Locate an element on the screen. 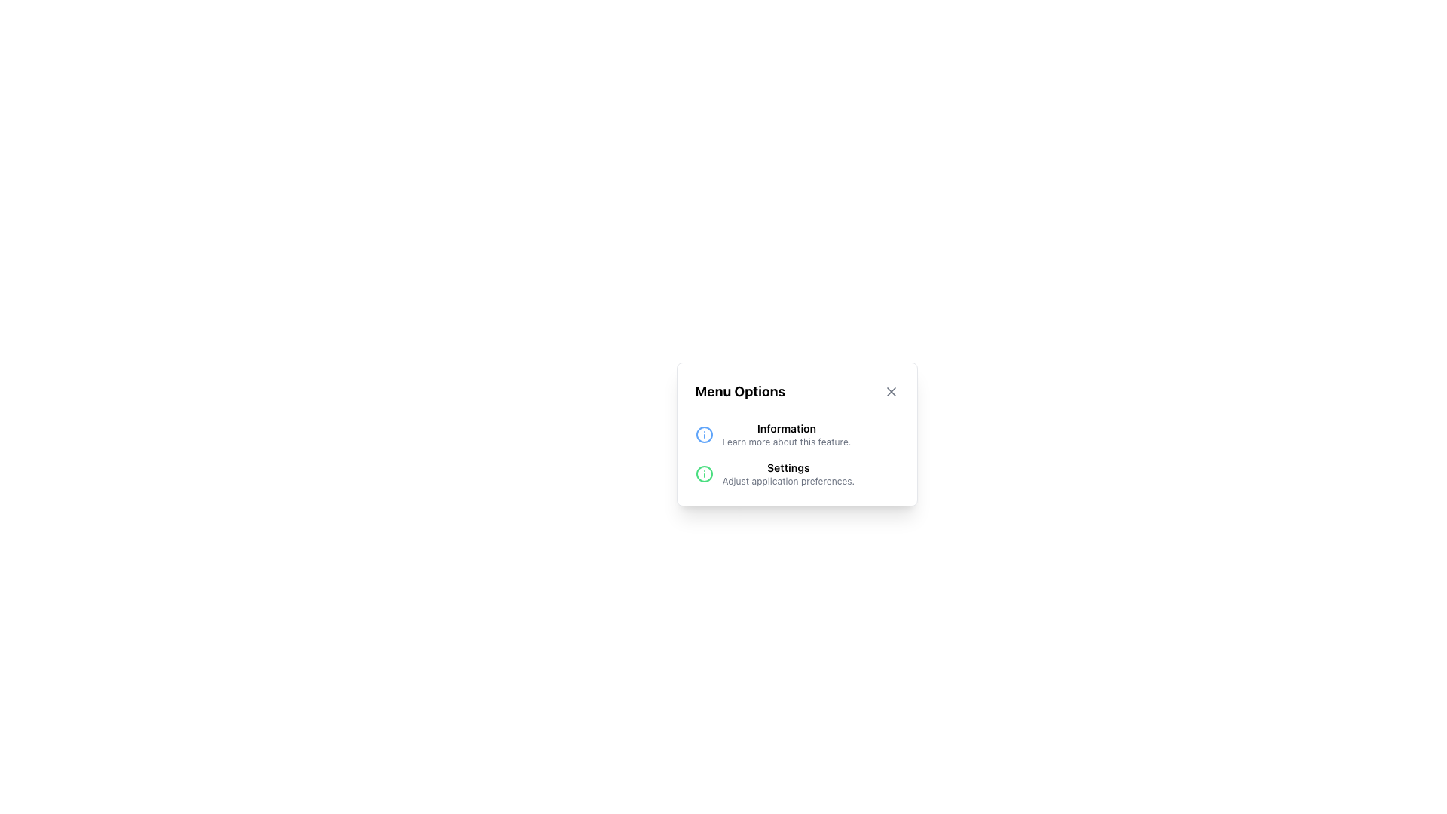 The height and width of the screenshot is (814, 1447). the circular green outlined icon representing an information status graphic, which is the leftmost part of the menu entry aligned with the 'Settings' label is located at coordinates (703, 473).